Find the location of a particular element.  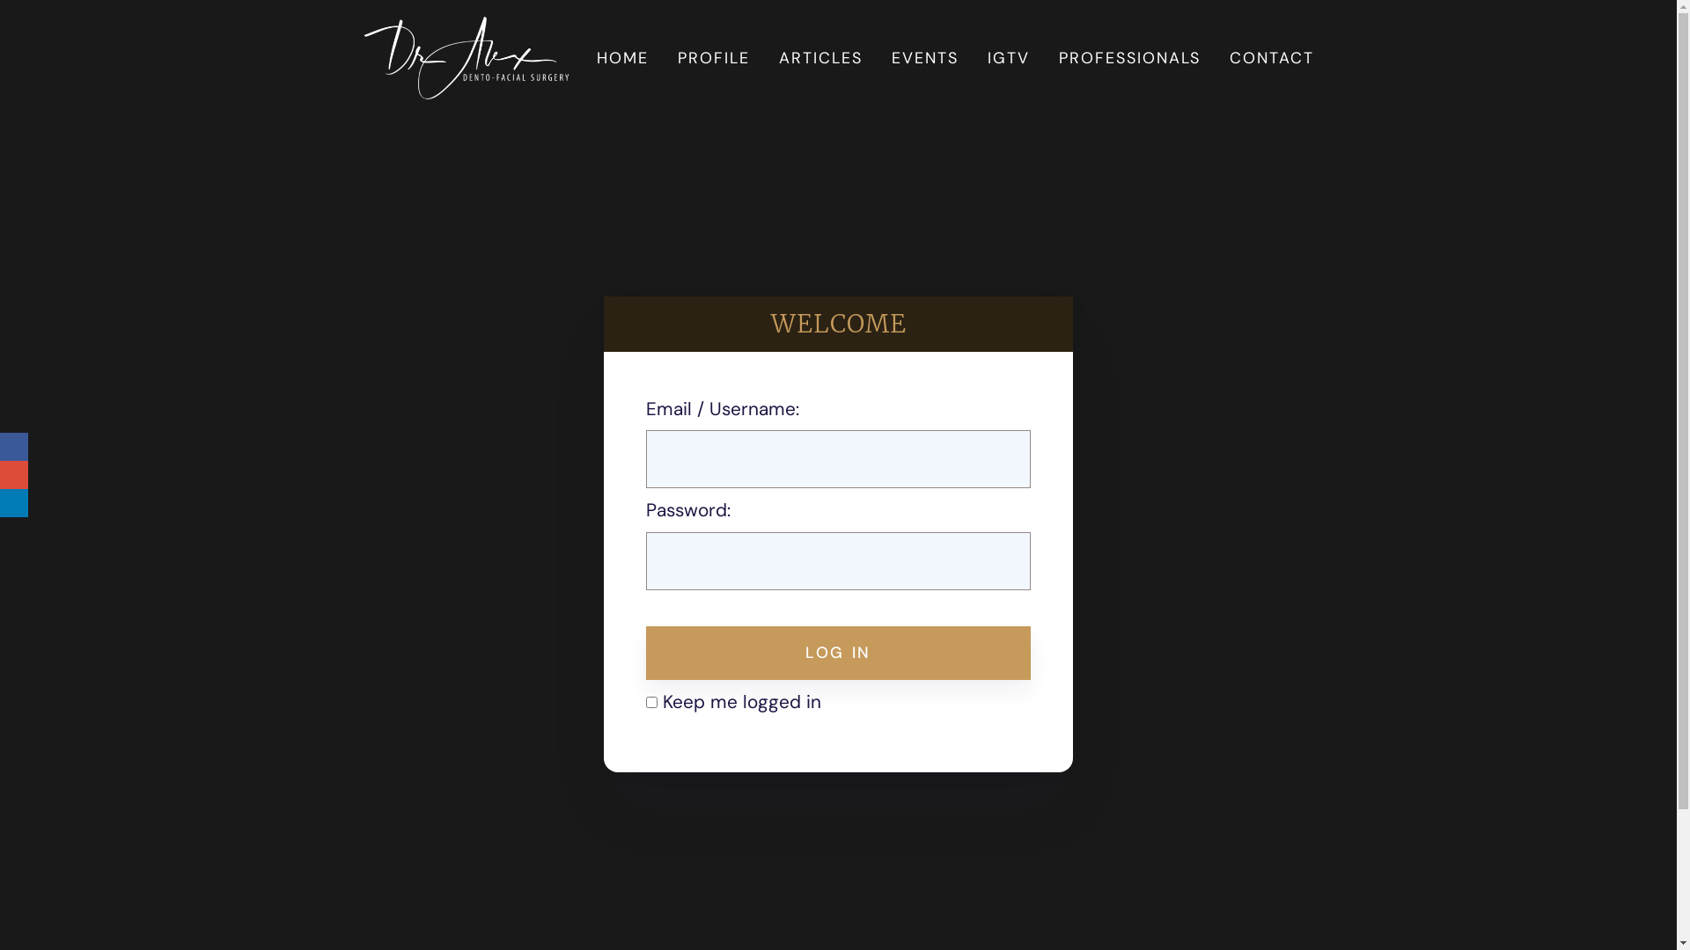

'CONTACT' is located at coordinates (1221, 57).